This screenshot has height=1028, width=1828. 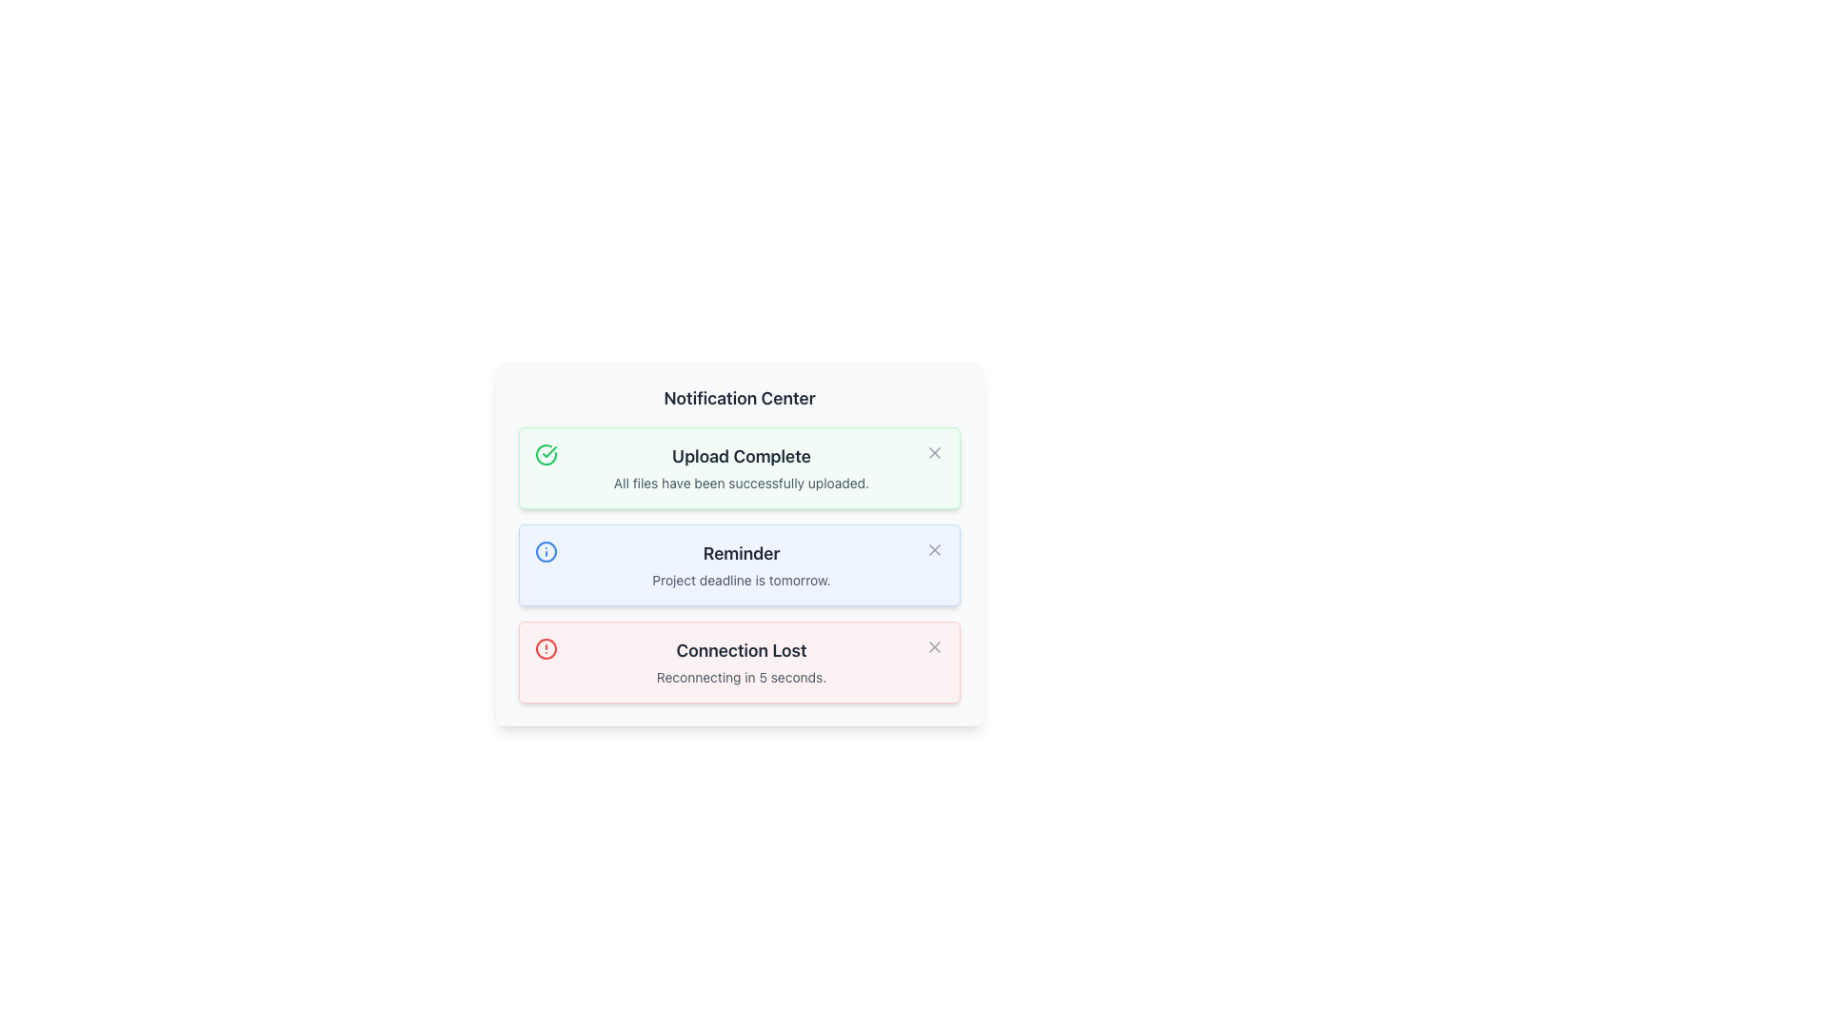 I want to click on the close icon in the top-right corner of the 'Upload Complete' notification box, so click(x=935, y=452).